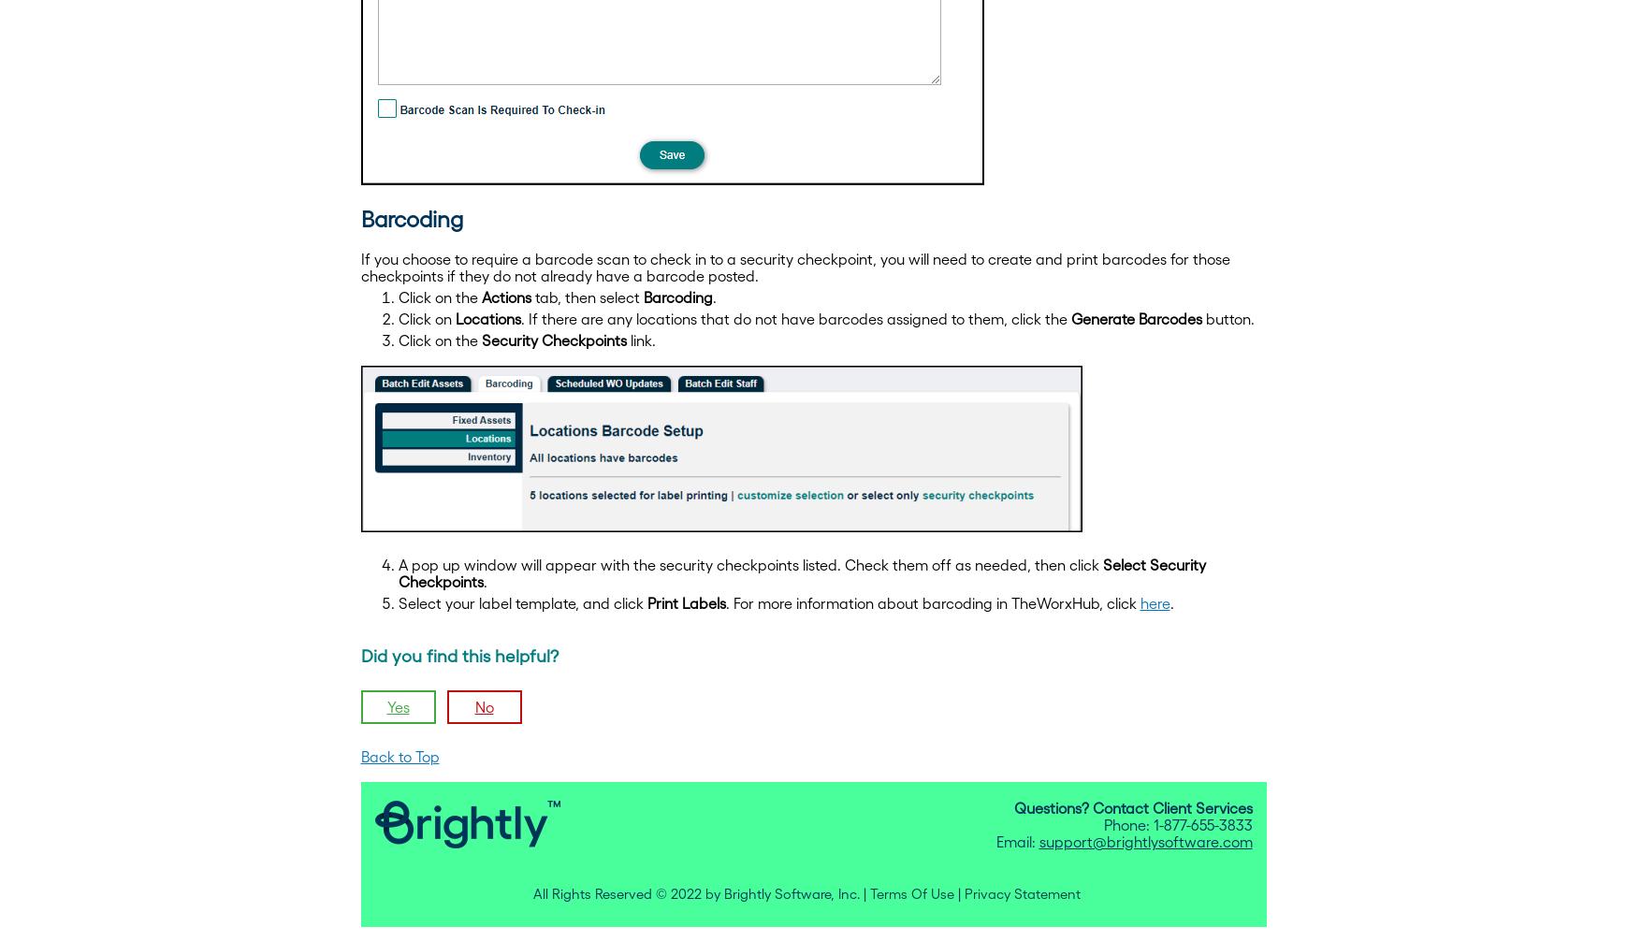 Image resolution: width=1627 pixels, height=941 pixels. What do you see at coordinates (386, 706) in the screenshot?
I see `'Yes'` at bounding box center [386, 706].